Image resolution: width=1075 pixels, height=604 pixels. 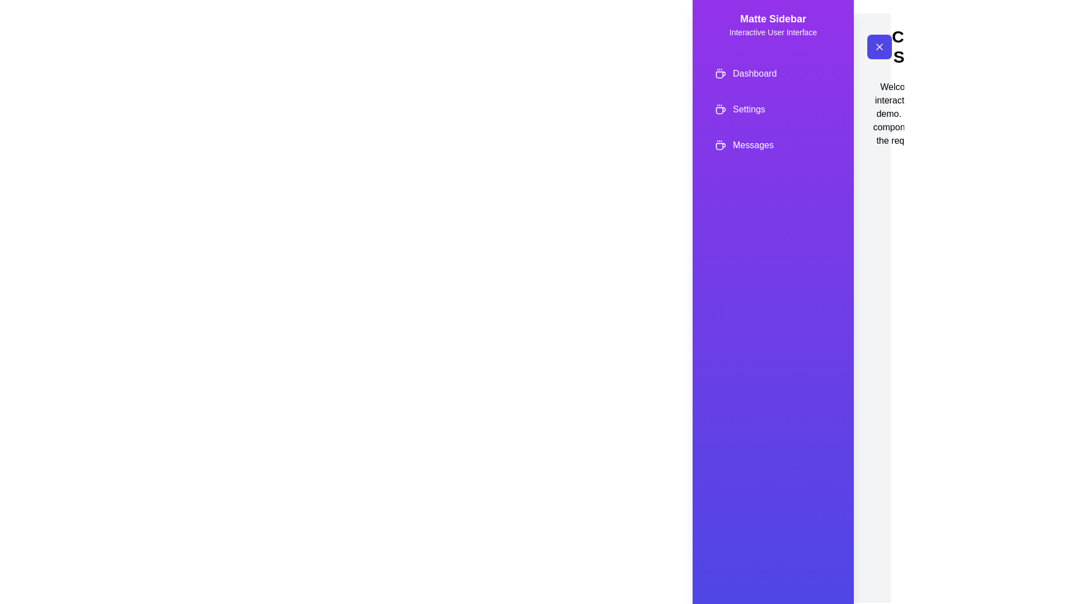 I want to click on the 'Dashboard' text label in the vertical sidebar, which is aligned to the right of a coffee cup icon and is the first menu item, so click(x=755, y=73).